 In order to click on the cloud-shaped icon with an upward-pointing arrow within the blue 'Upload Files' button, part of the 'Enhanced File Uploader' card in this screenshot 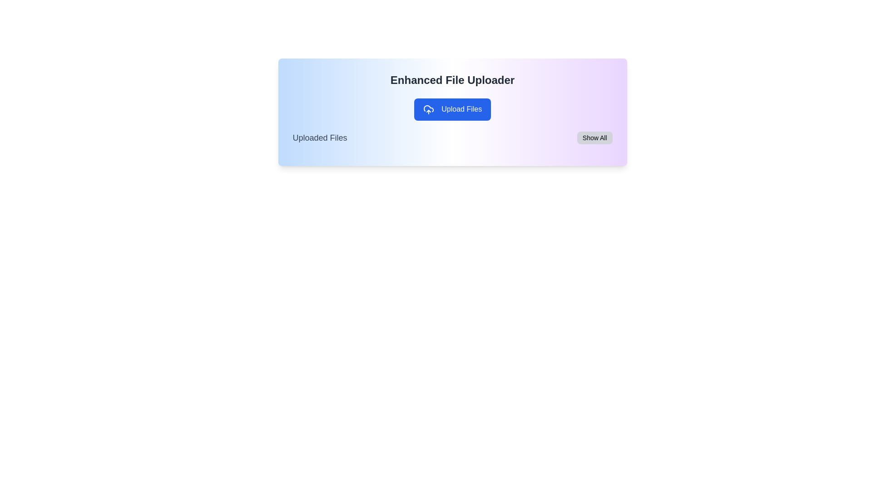, I will do `click(428, 109)`.